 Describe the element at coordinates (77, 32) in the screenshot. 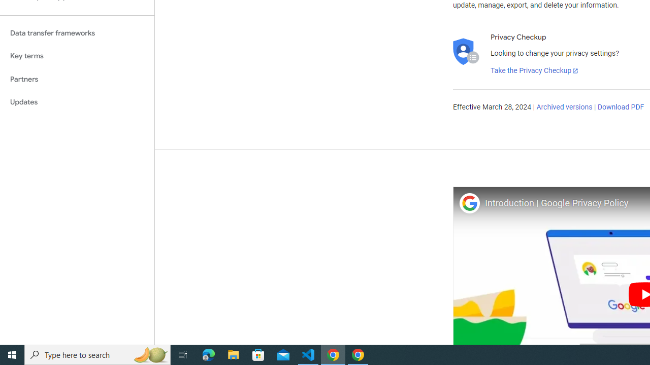

I see `'Data transfer frameworks'` at that location.